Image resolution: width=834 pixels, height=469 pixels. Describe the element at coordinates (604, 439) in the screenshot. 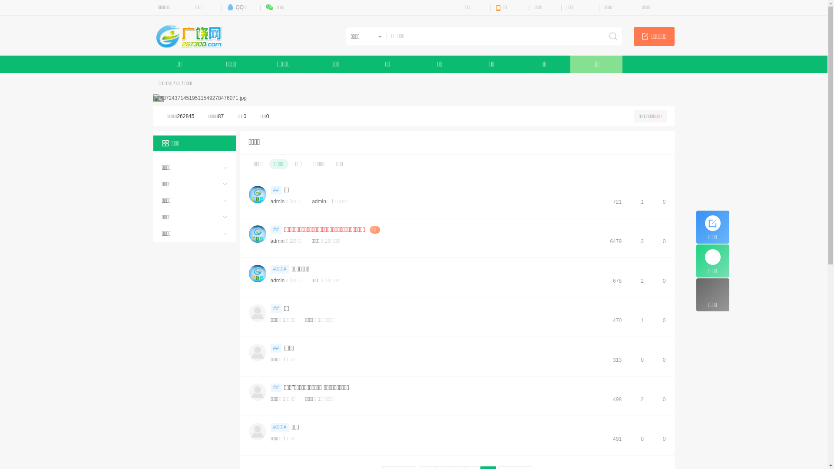

I see `'491'` at that location.